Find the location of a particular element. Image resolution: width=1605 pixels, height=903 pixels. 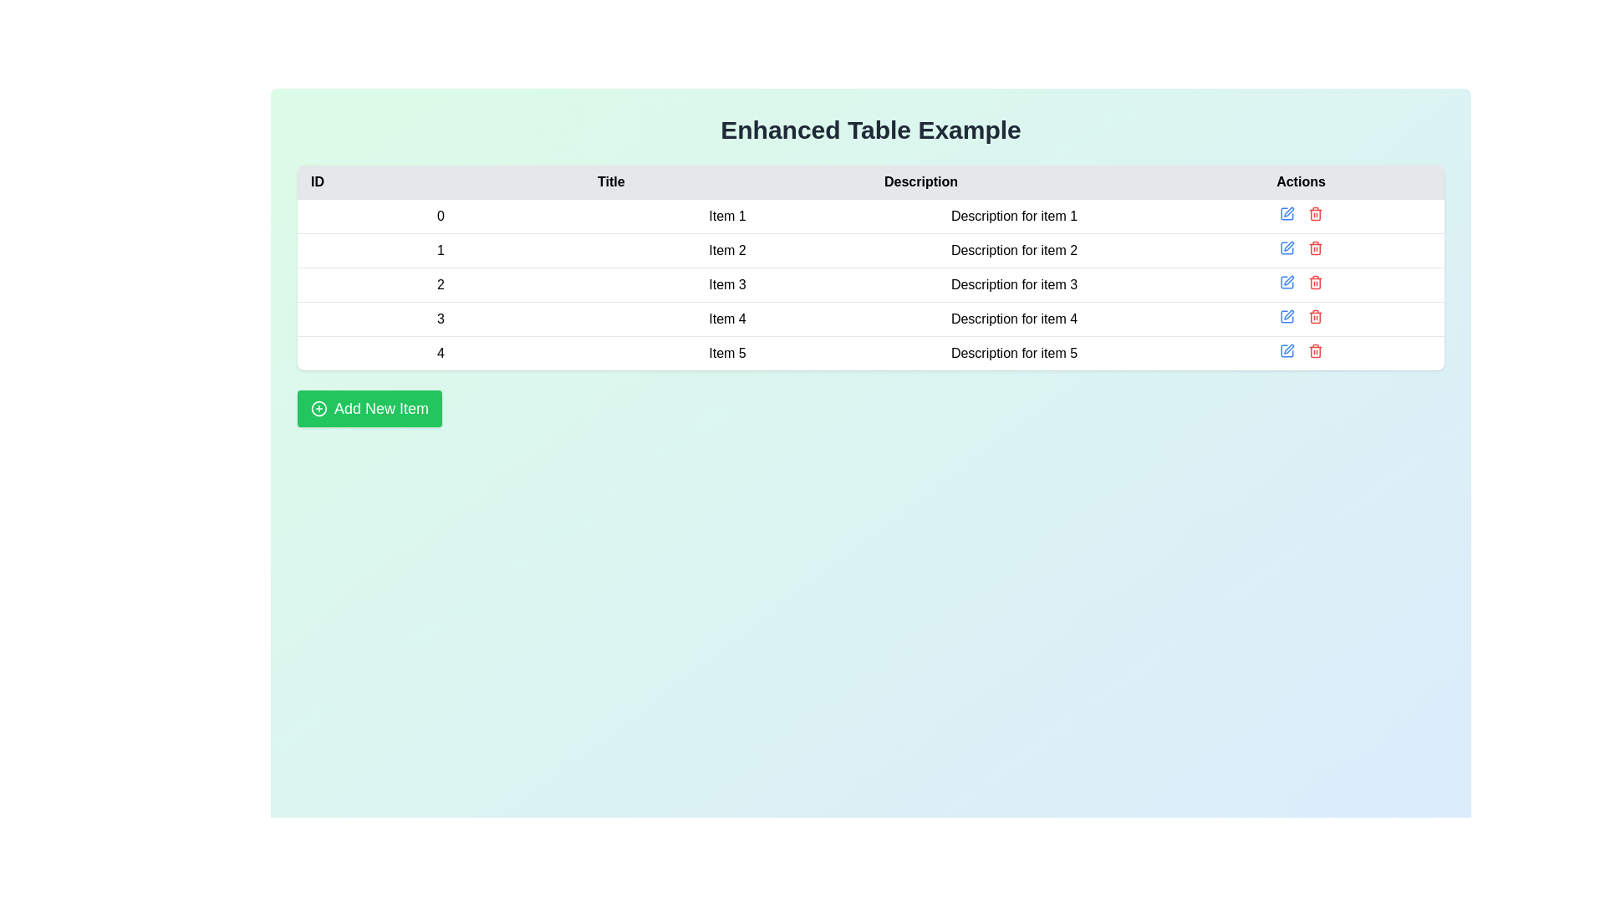

the descriptive text label for 'Item 5' located in the last row of the table, specifically in the 'Description' column is located at coordinates (1013, 352).